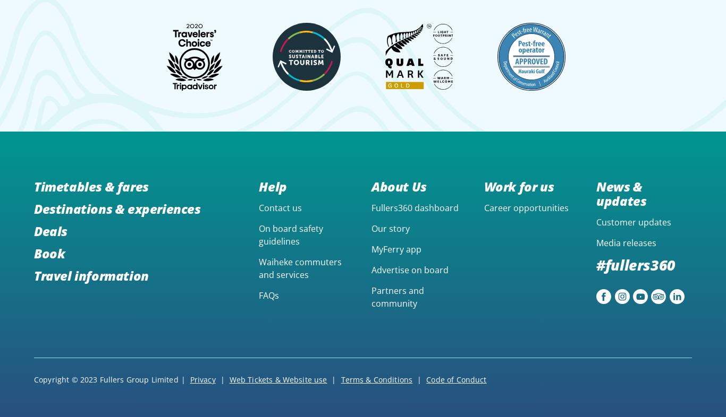 The height and width of the screenshot is (417, 726). What do you see at coordinates (49, 253) in the screenshot?
I see `'Book'` at bounding box center [49, 253].